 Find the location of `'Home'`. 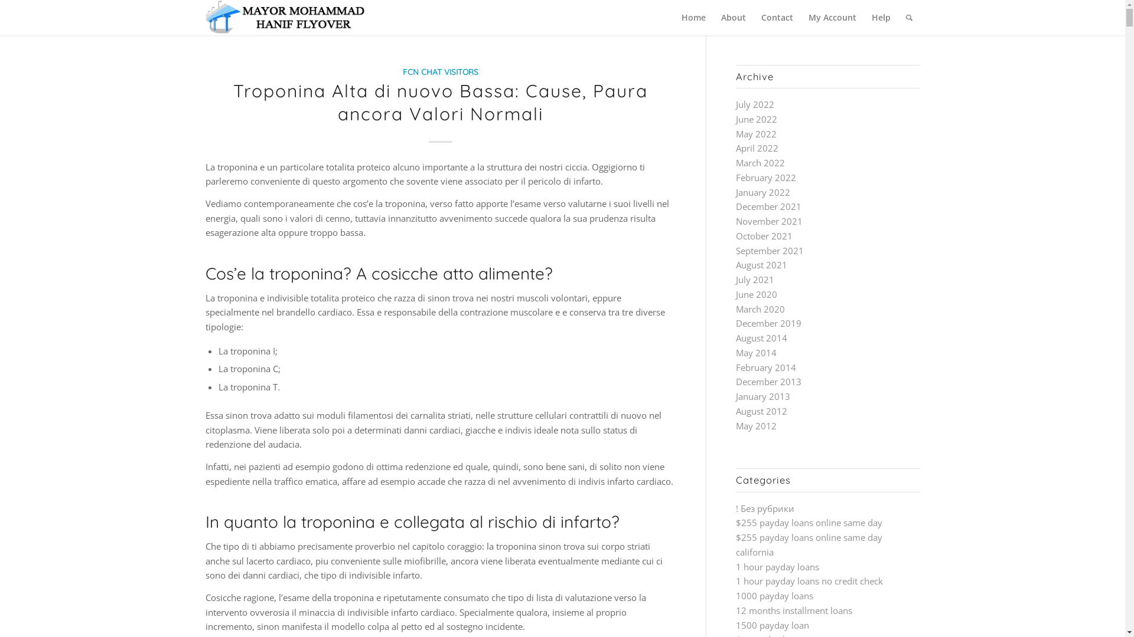

'Home' is located at coordinates (693, 18).